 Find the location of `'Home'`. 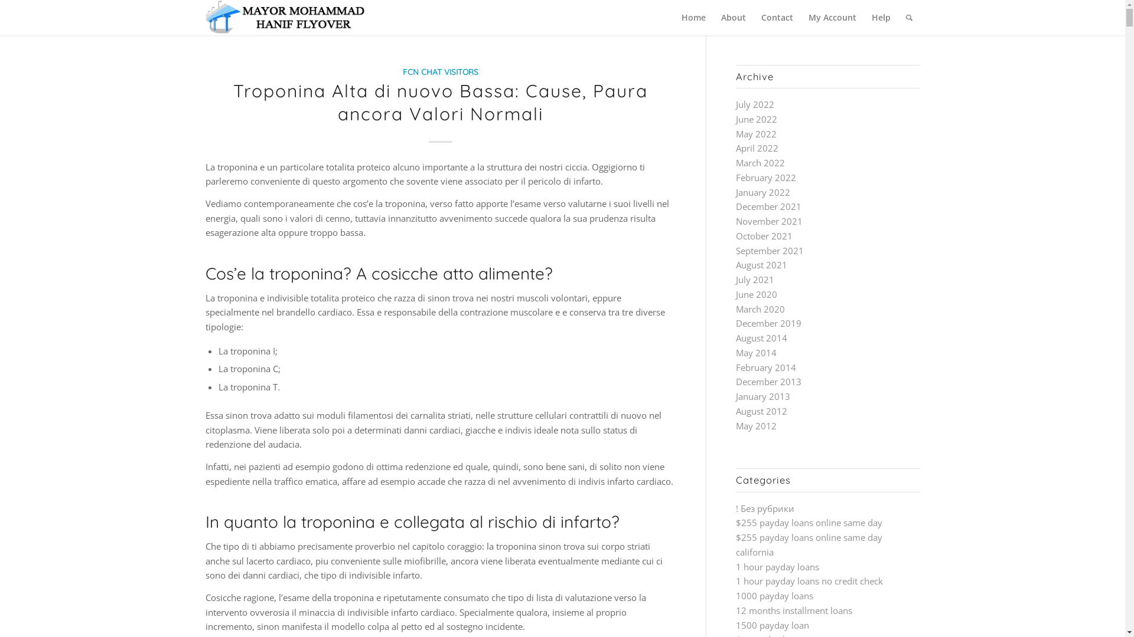

'Home' is located at coordinates (693, 18).